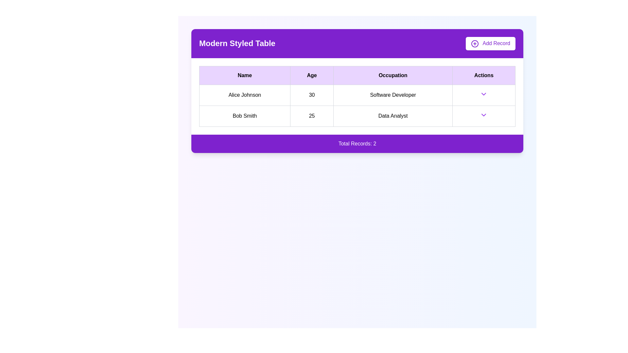 This screenshot has width=628, height=353. I want to click on the 'Name' text label, which is styled in bold black font on a light lavender background and serves as the header for the first column in the table, so click(244, 75).